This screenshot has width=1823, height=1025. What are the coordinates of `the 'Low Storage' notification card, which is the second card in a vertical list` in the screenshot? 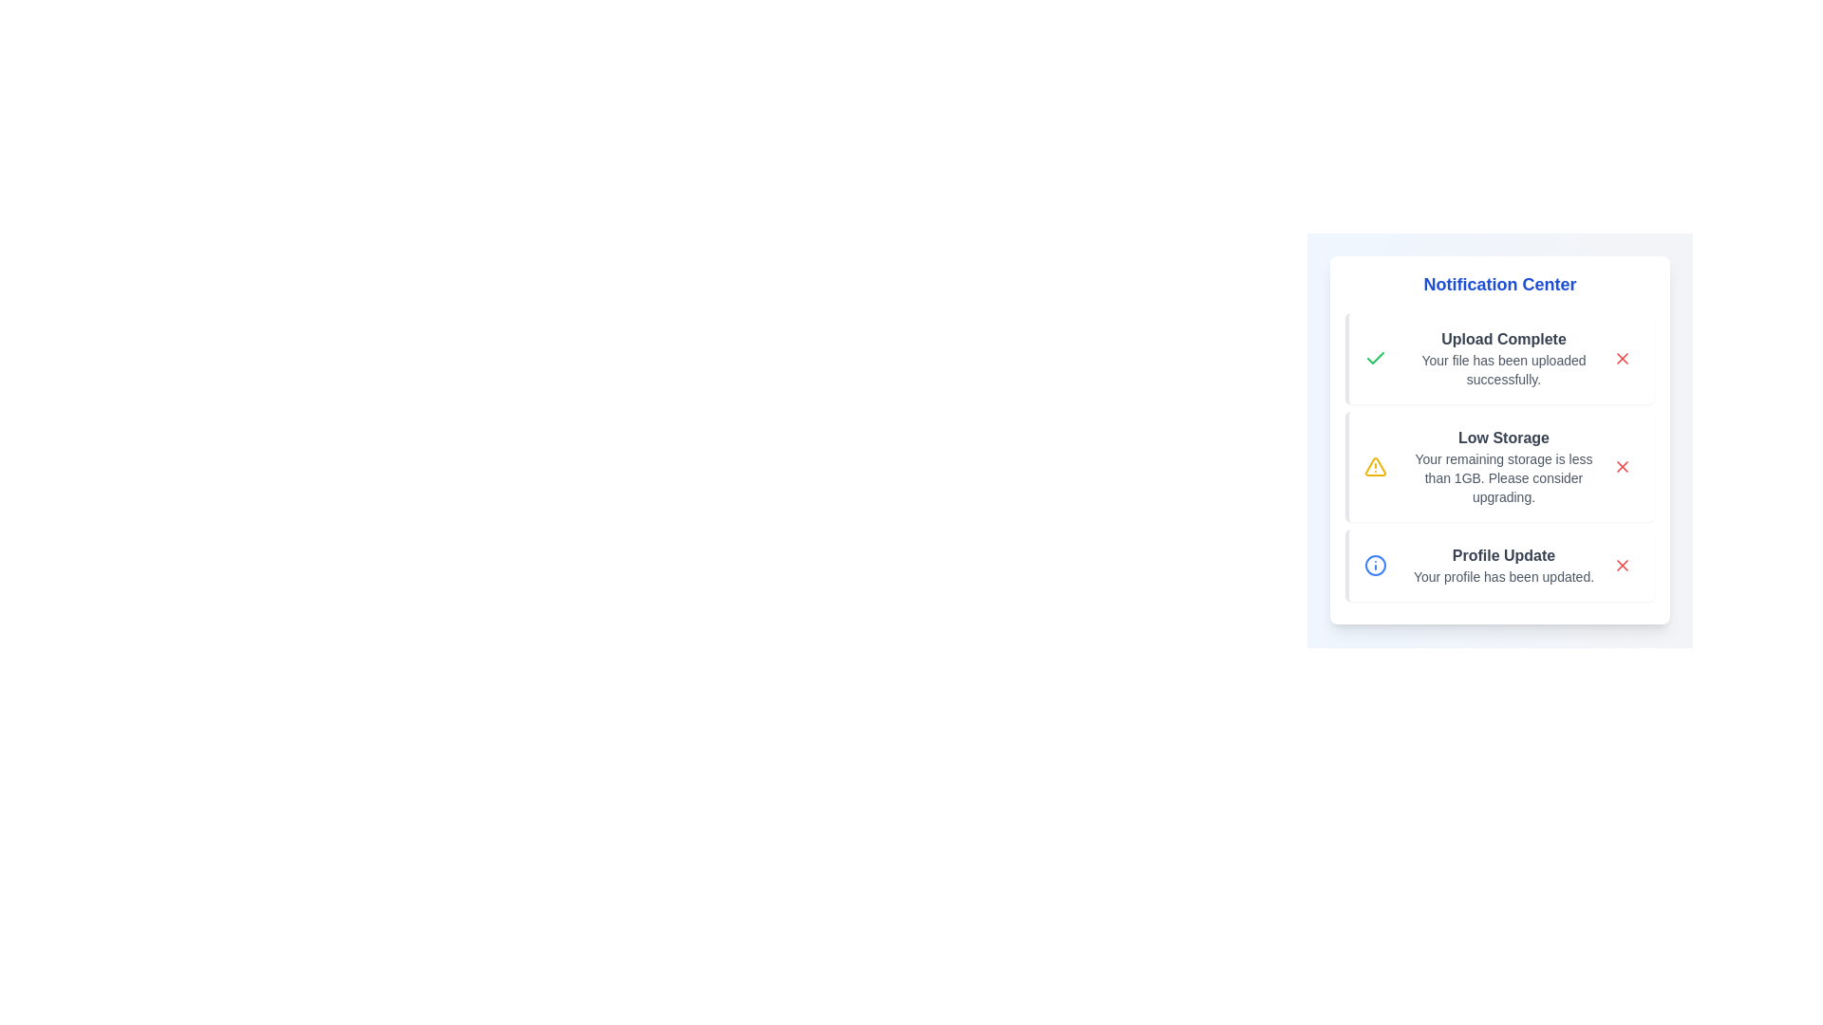 It's located at (1498, 467).